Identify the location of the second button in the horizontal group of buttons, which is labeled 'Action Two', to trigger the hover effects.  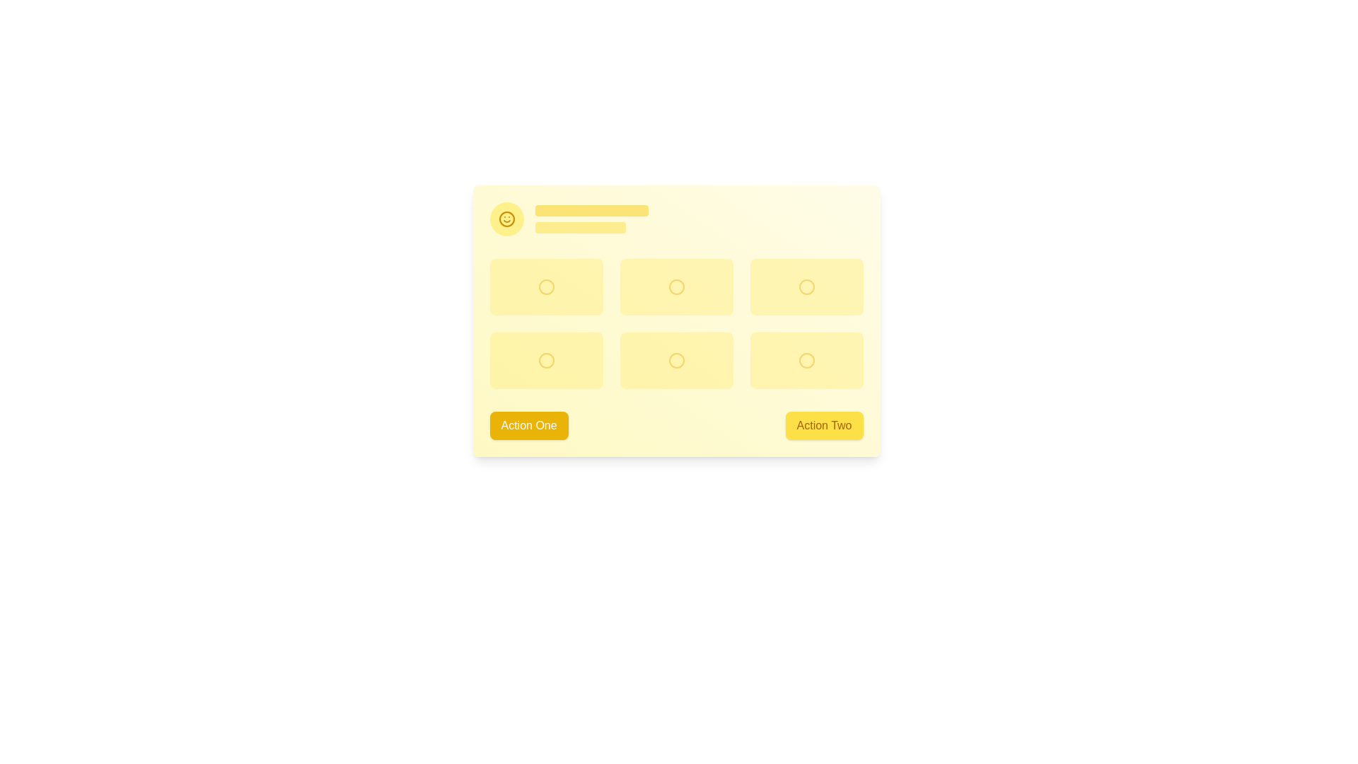
(824, 424).